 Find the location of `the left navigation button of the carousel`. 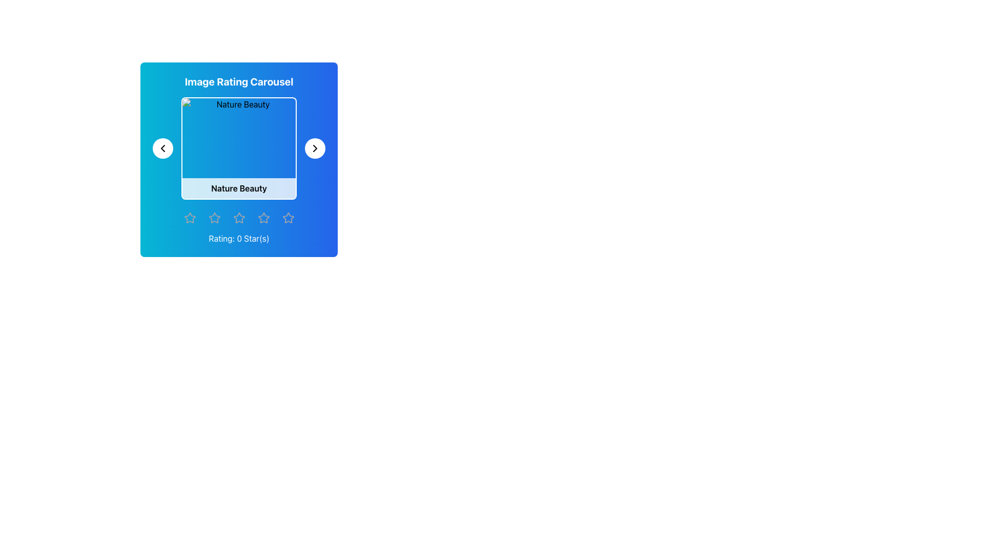

the left navigation button of the carousel is located at coordinates (162, 148).